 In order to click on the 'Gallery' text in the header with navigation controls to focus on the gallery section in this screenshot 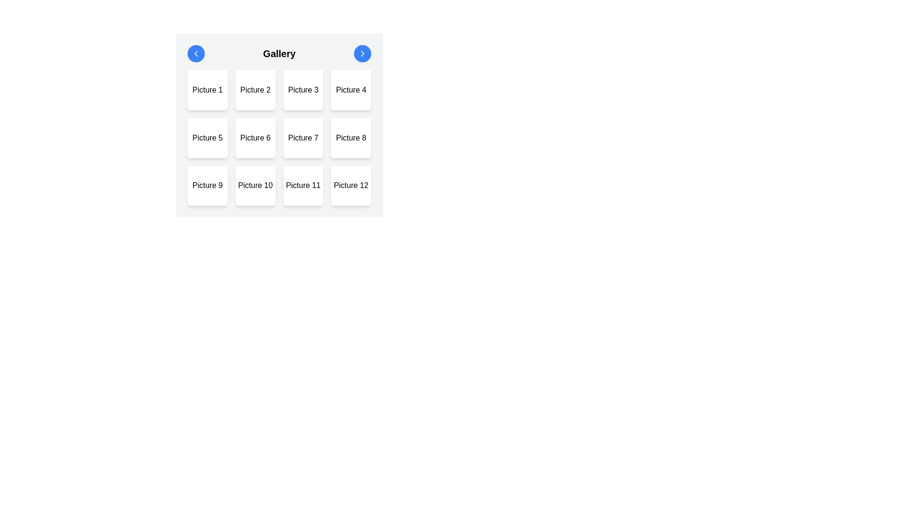, I will do `click(279, 53)`.